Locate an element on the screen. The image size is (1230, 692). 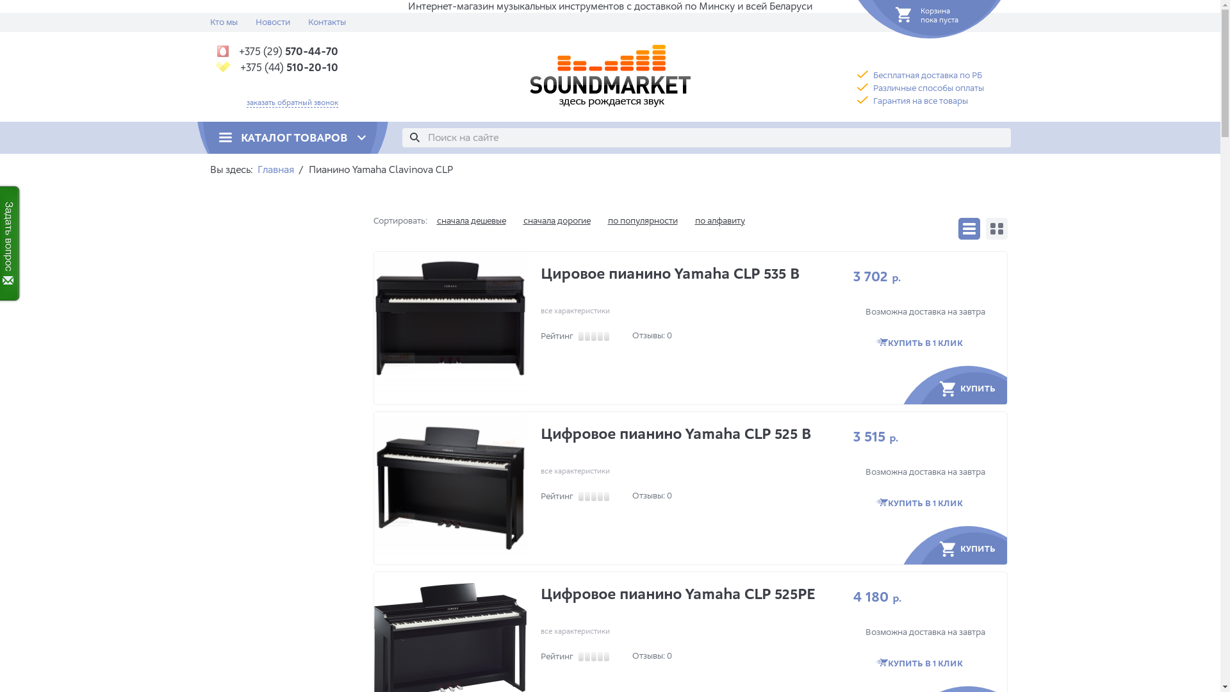
'+375 (44) 510-20-10' is located at coordinates (273, 67).